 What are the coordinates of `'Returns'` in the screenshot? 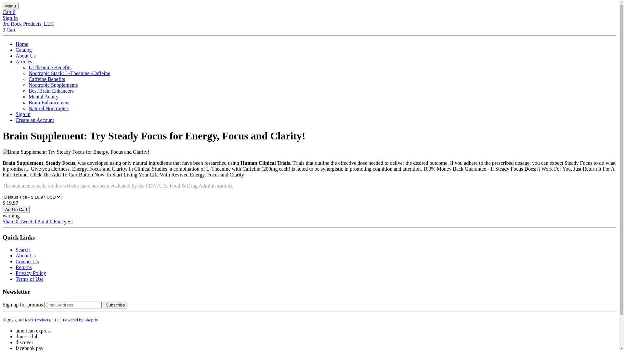 It's located at (23, 267).